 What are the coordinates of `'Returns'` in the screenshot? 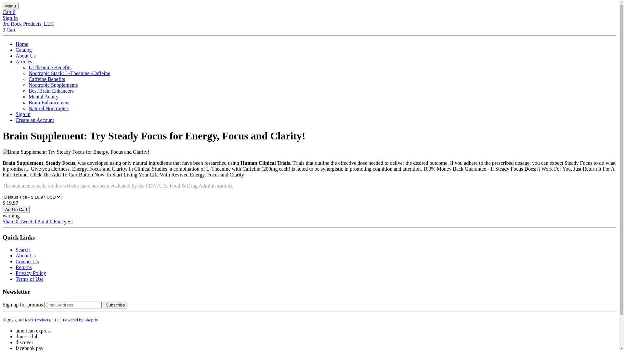 It's located at (23, 267).